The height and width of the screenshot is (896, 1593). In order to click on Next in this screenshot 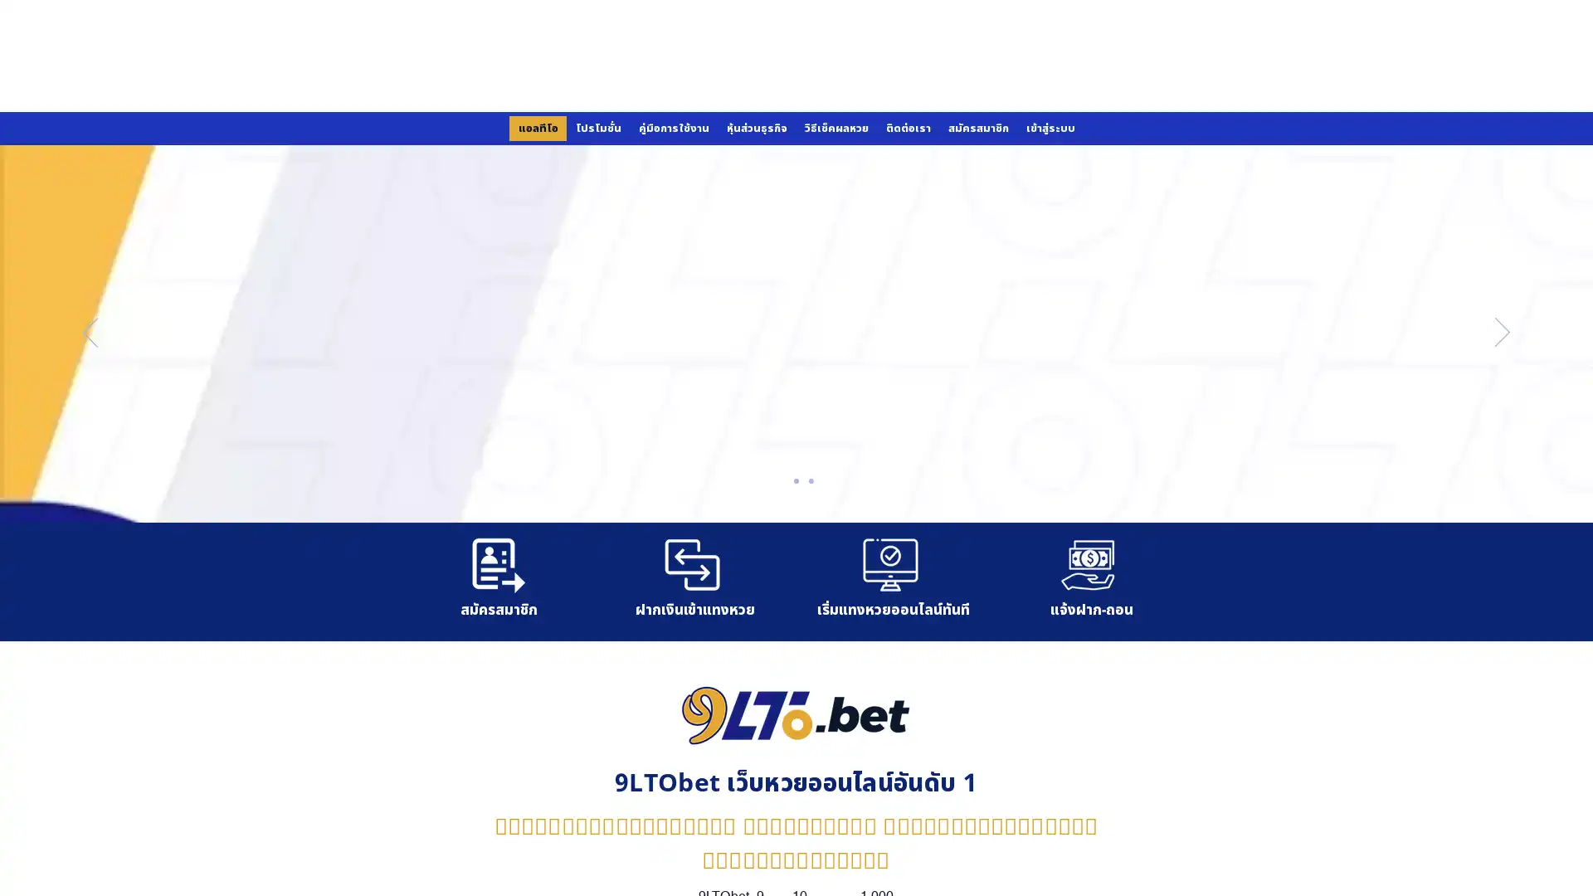, I will do `click(1502, 333)`.